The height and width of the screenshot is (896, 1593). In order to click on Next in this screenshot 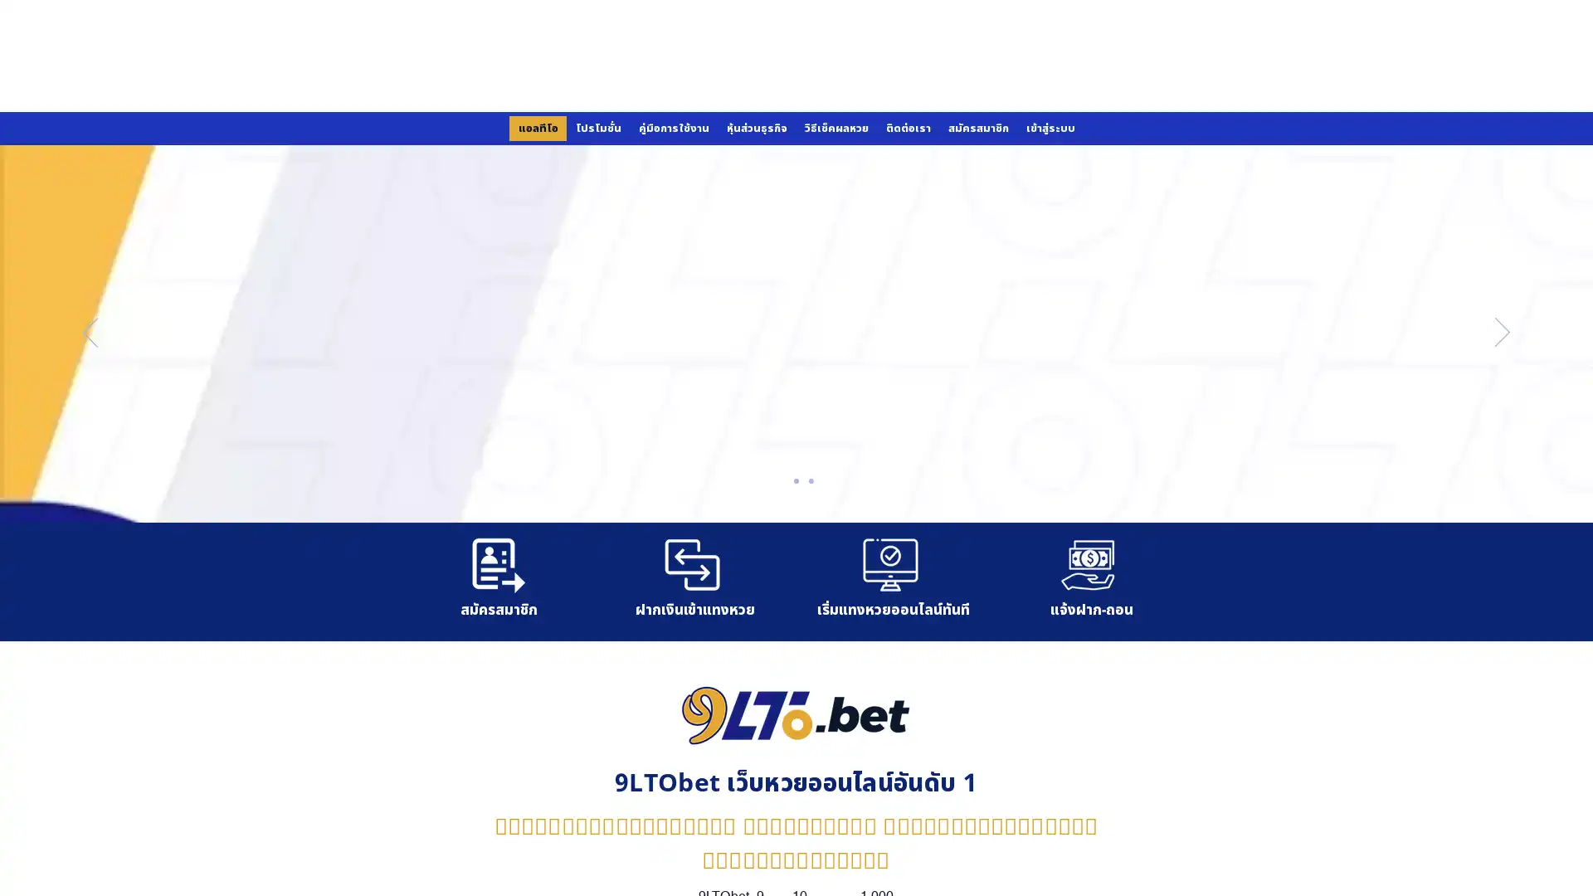, I will do `click(1502, 333)`.